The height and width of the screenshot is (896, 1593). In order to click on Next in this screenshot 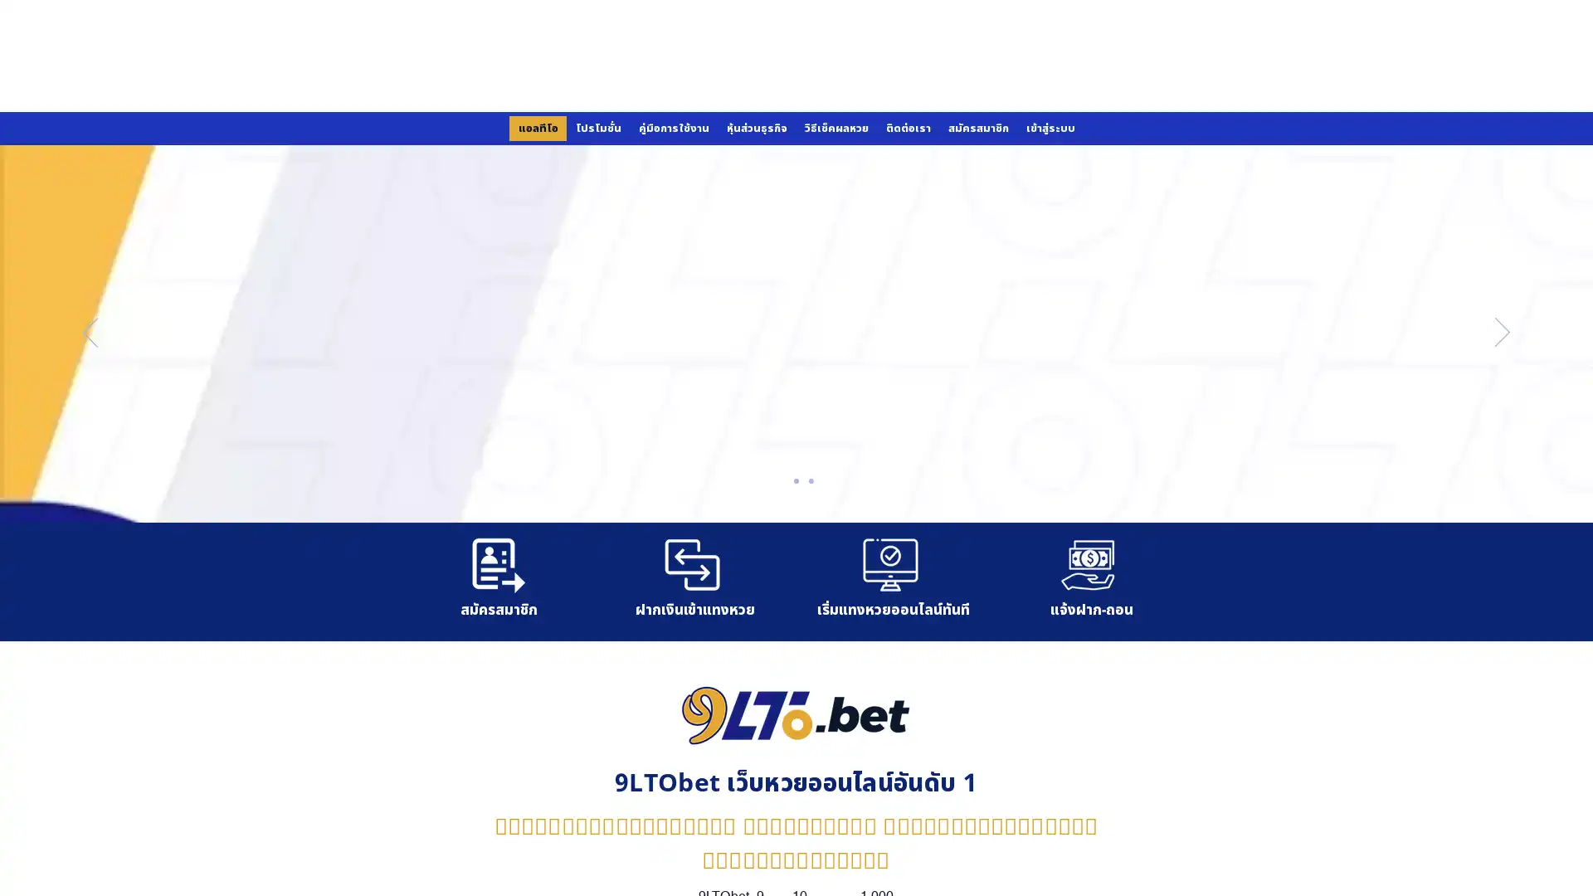, I will do `click(1502, 333)`.